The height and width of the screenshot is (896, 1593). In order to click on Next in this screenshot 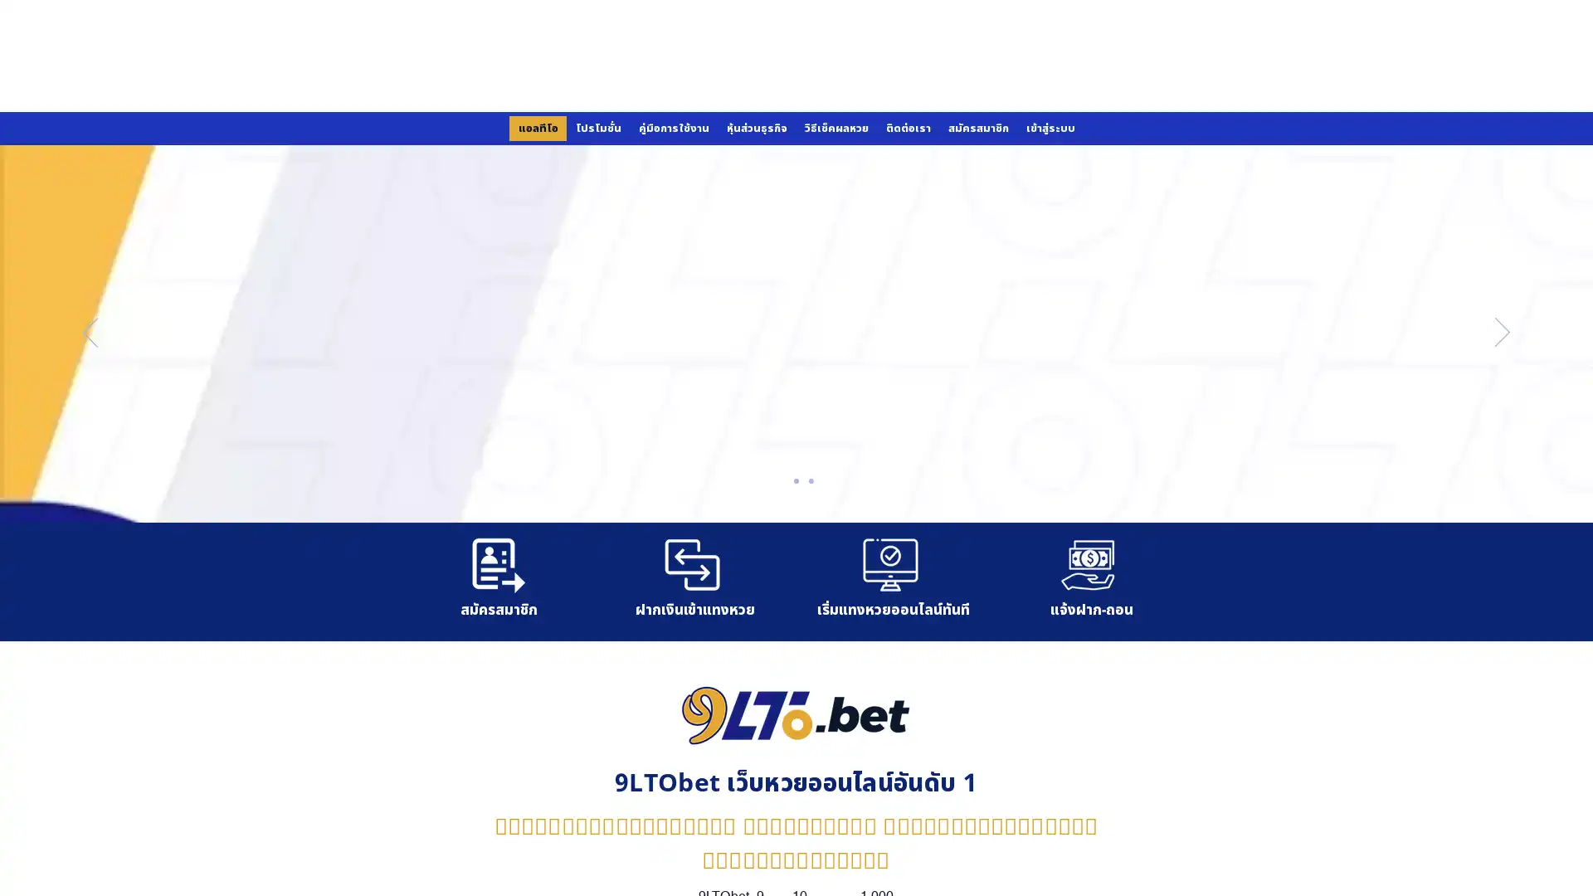, I will do `click(1502, 333)`.